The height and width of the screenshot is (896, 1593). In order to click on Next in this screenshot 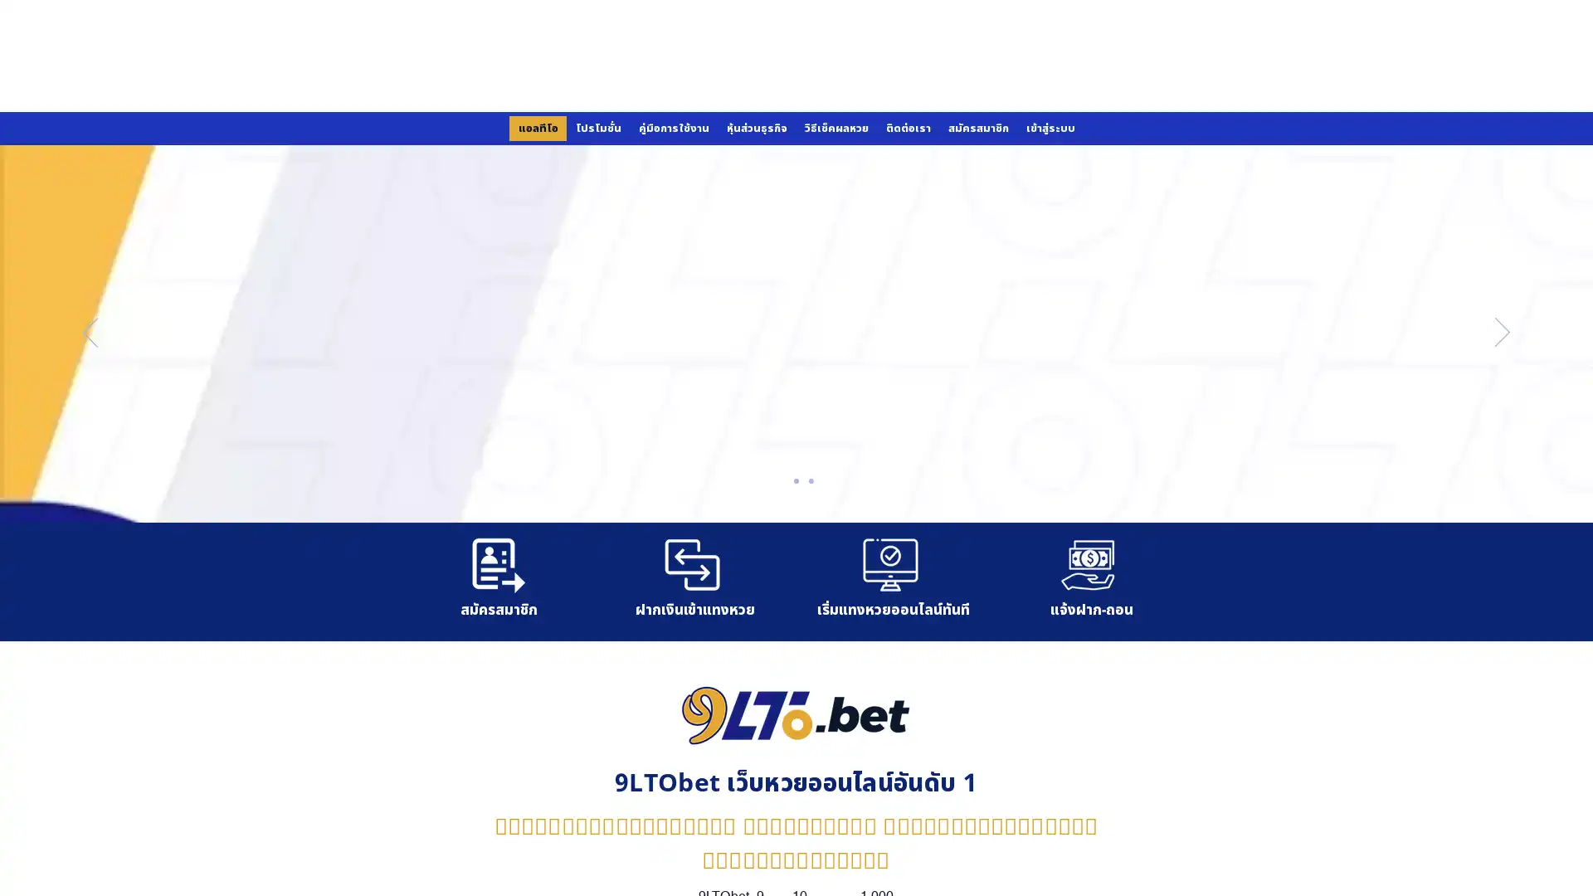, I will do `click(1502, 333)`.